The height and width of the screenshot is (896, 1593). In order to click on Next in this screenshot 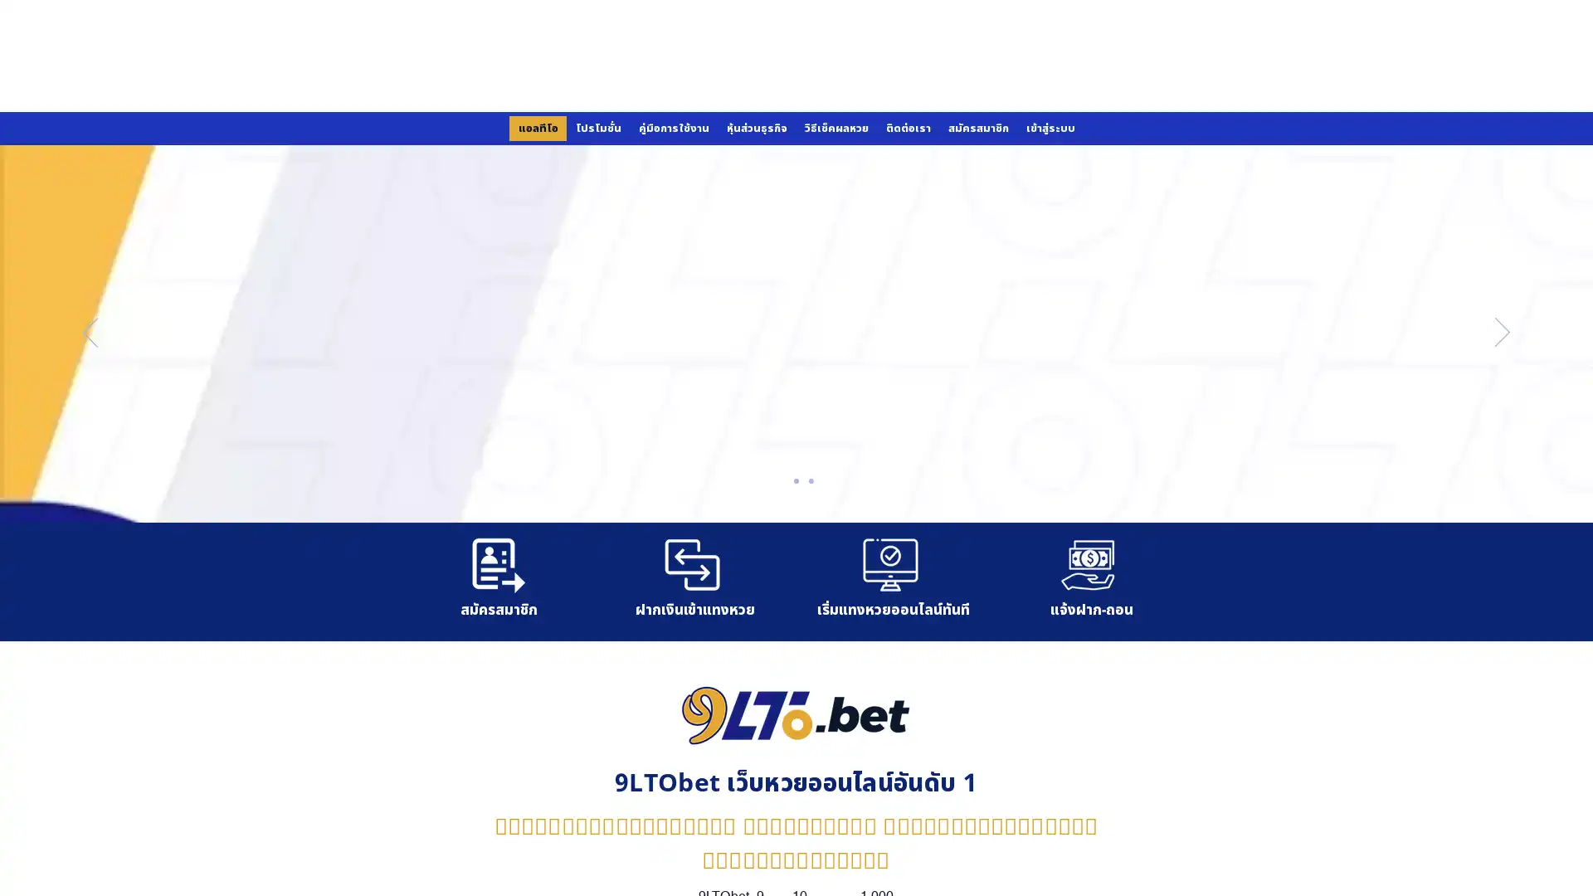, I will do `click(1502, 333)`.